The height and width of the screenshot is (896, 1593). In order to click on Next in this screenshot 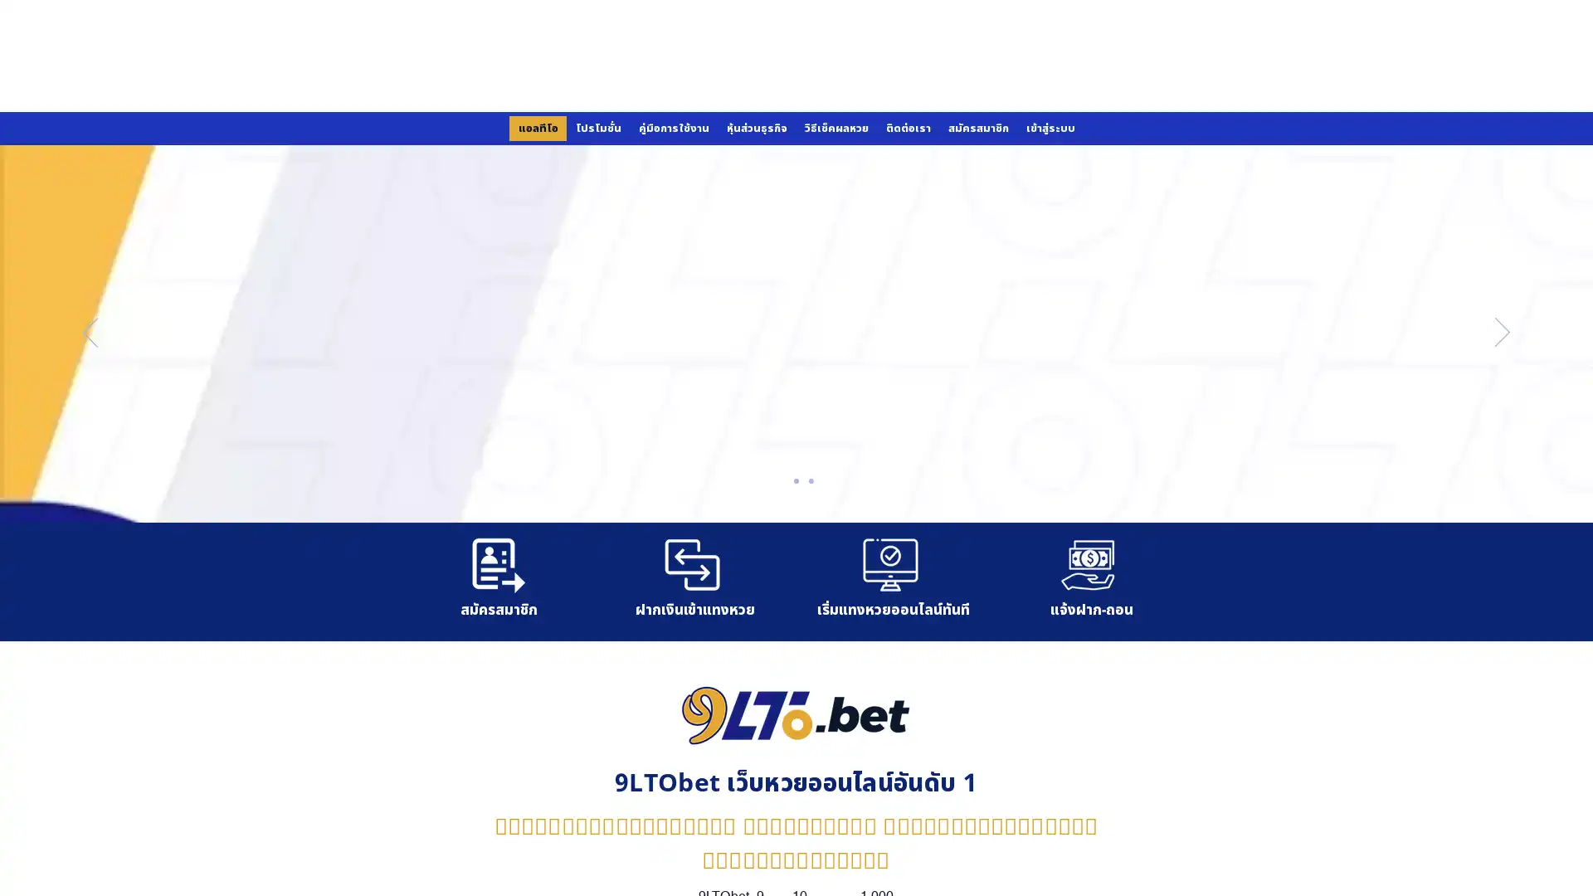, I will do `click(1502, 333)`.